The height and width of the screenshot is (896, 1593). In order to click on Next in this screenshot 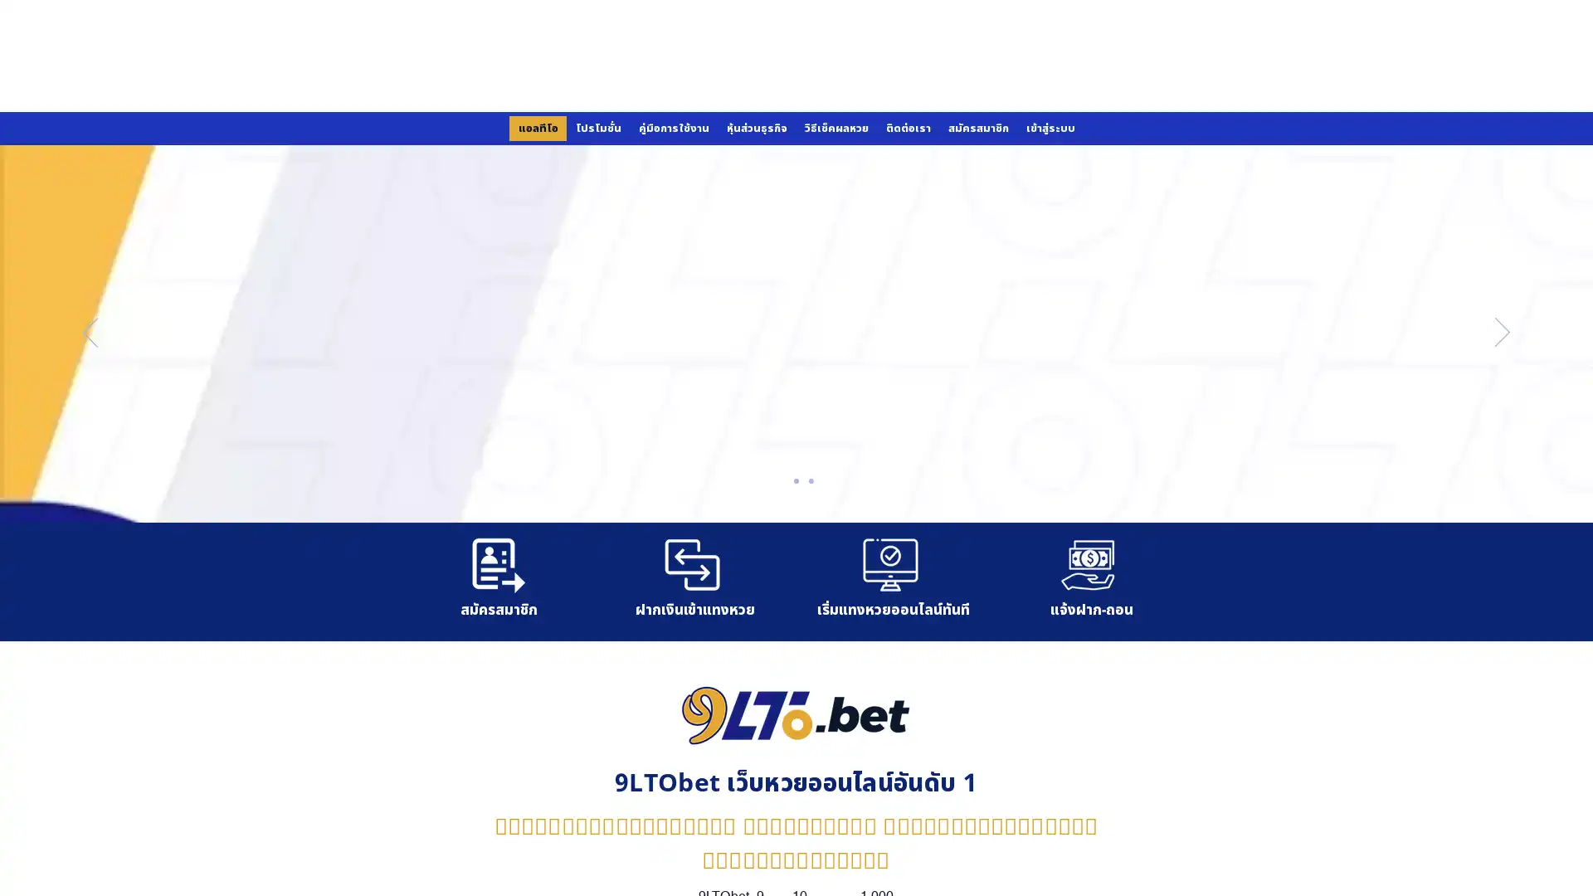, I will do `click(1502, 333)`.